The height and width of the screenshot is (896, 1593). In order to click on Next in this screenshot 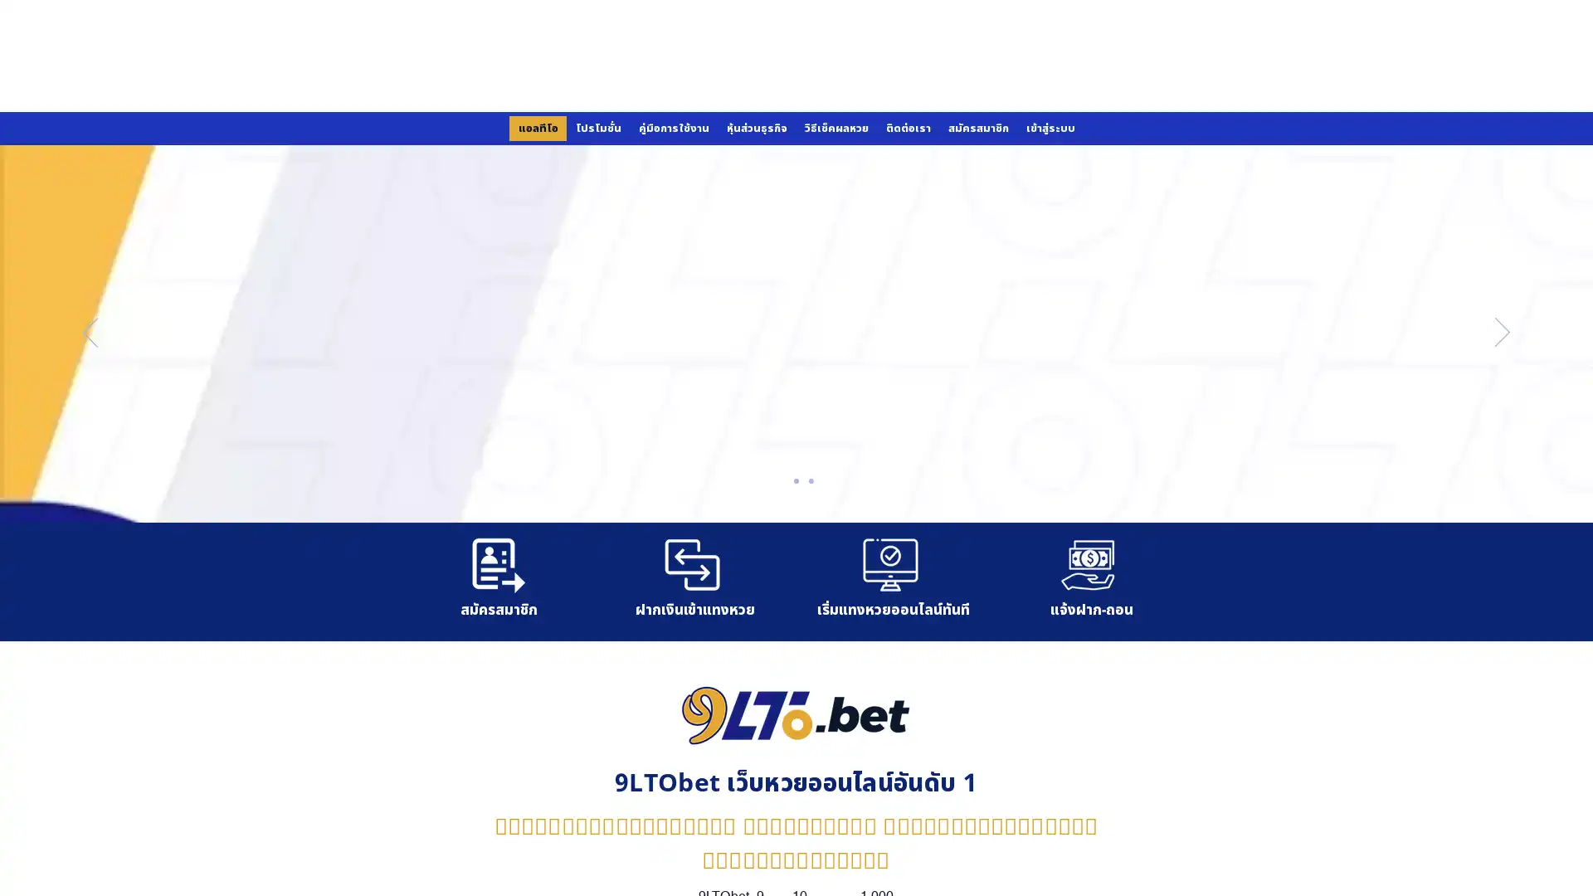, I will do `click(1502, 333)`.